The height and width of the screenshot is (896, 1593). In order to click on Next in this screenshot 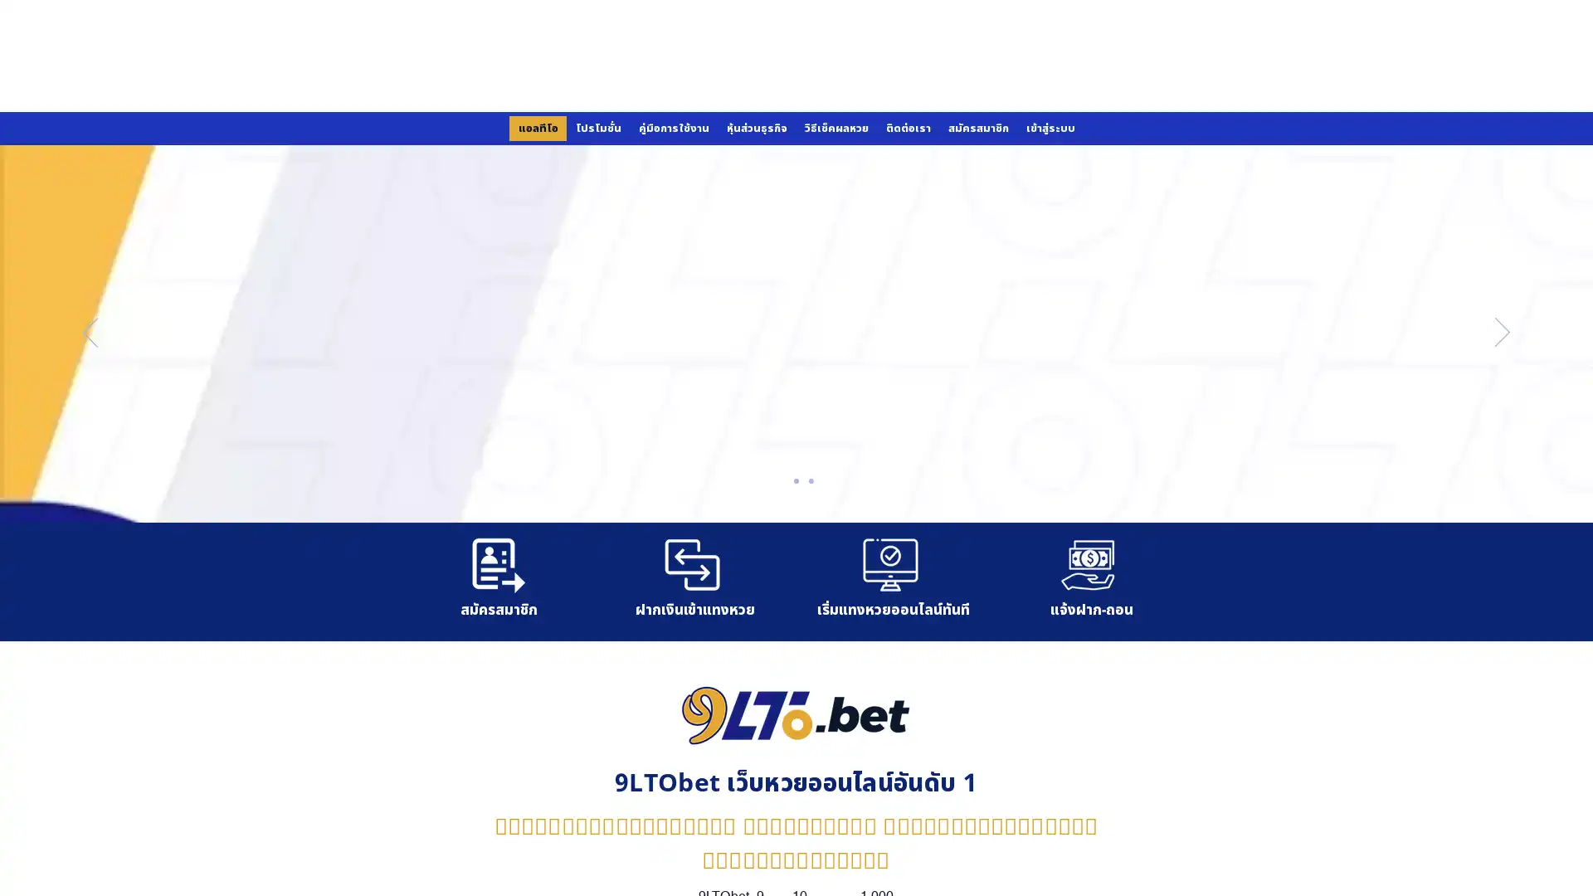, I will do `click(1502, 333)`.